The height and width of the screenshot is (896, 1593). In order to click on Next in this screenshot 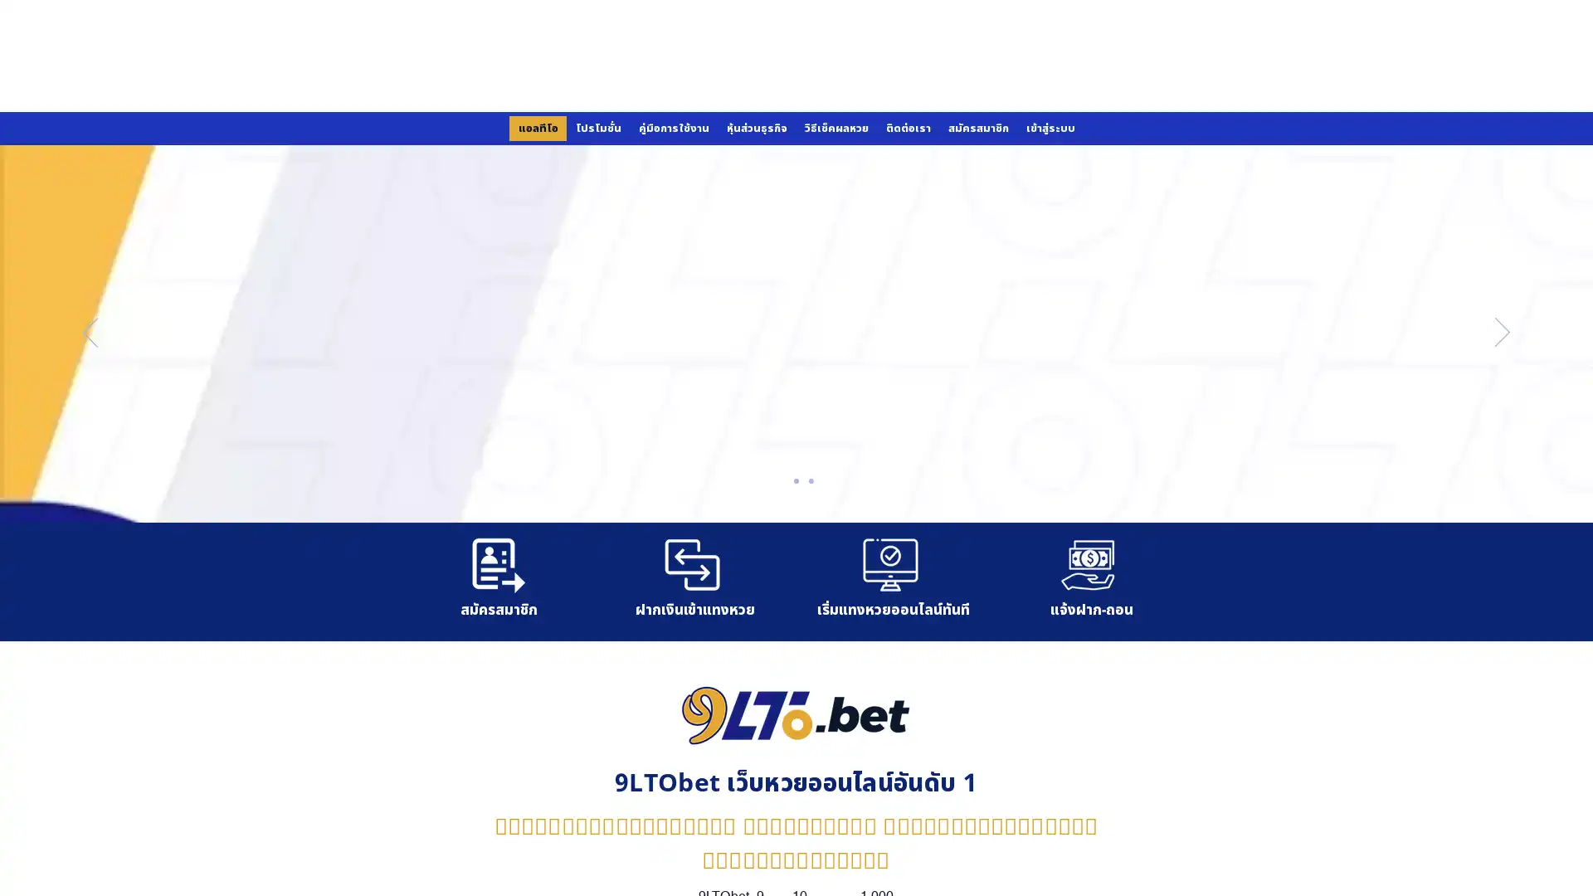, I will do `click(1502, 333)`.